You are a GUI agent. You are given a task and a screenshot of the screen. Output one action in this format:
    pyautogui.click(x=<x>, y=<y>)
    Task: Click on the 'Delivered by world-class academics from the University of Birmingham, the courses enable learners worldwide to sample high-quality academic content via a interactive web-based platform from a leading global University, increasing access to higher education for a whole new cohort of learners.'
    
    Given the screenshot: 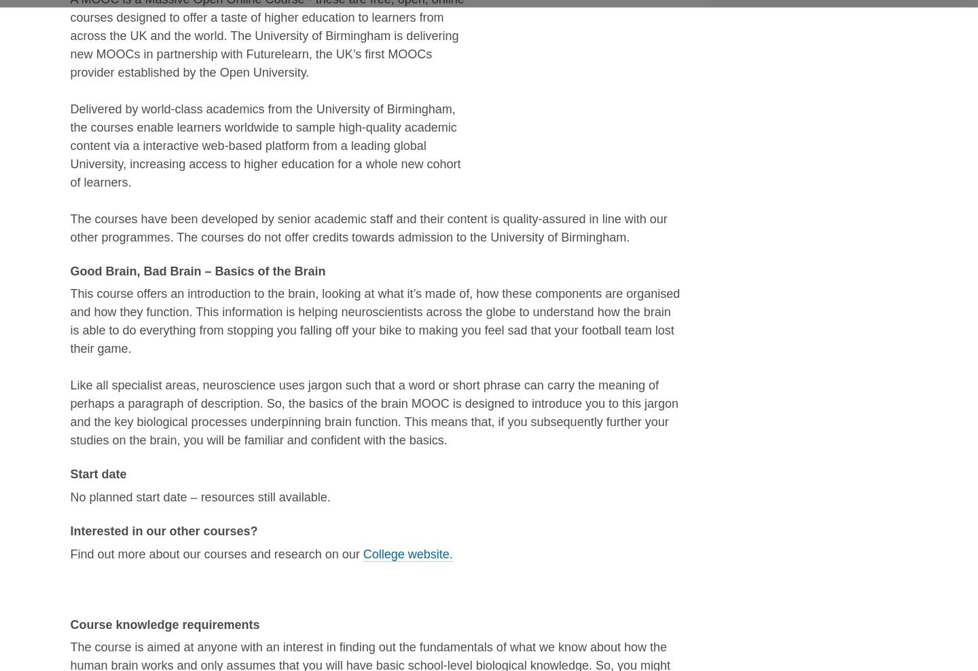 What is the action you would take?
    pyautogui.click(x=264, y=145)
    